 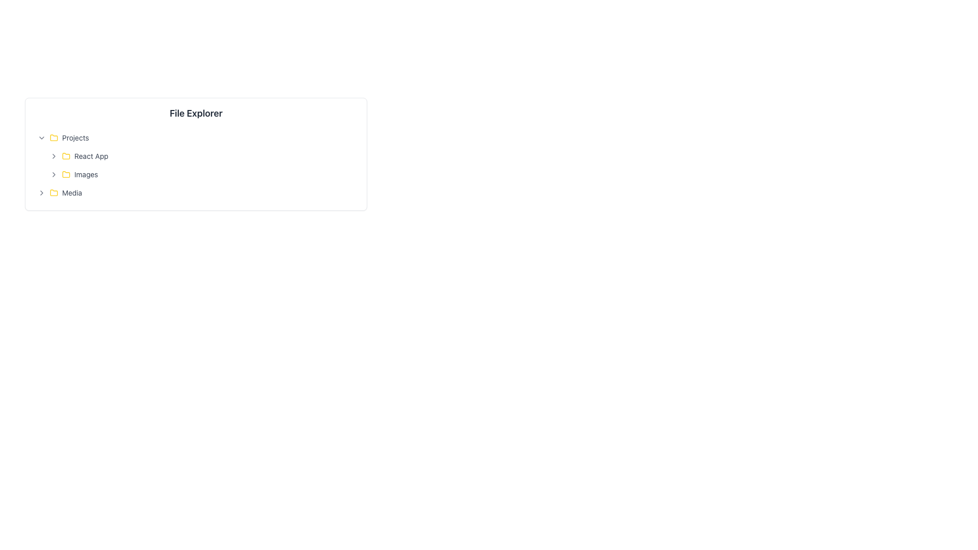 I want to click on the yellow folder icon located to the left of the 'Media' text item, which is styled with a stroke outline and rounded corners, so click(x=53, y=193).